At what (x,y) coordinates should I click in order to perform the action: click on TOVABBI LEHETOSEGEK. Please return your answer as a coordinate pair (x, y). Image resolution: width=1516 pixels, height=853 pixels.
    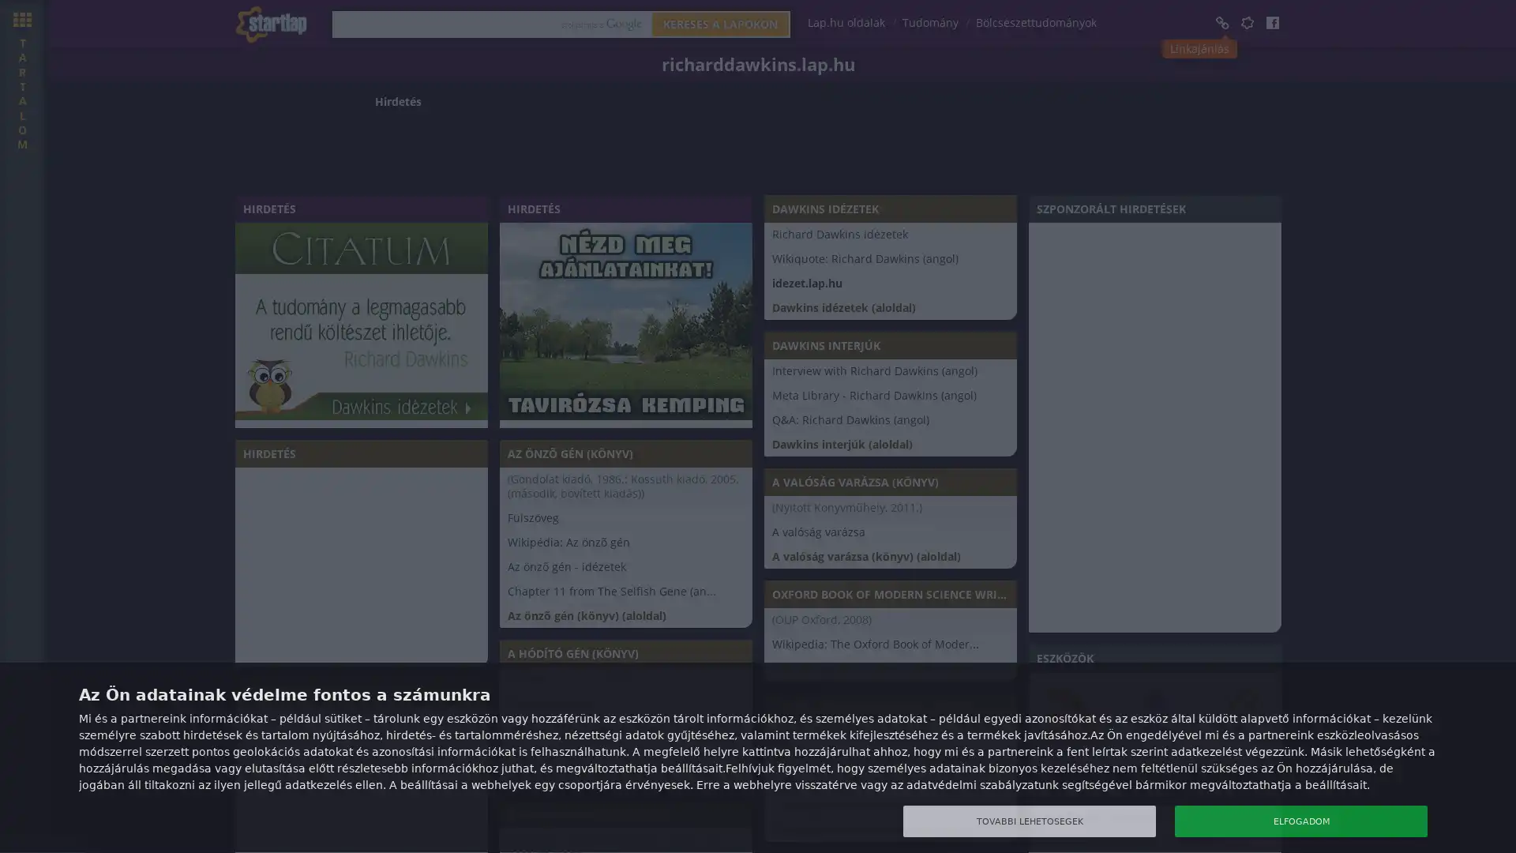
    Looking at the image, I should click on (1030, 821).